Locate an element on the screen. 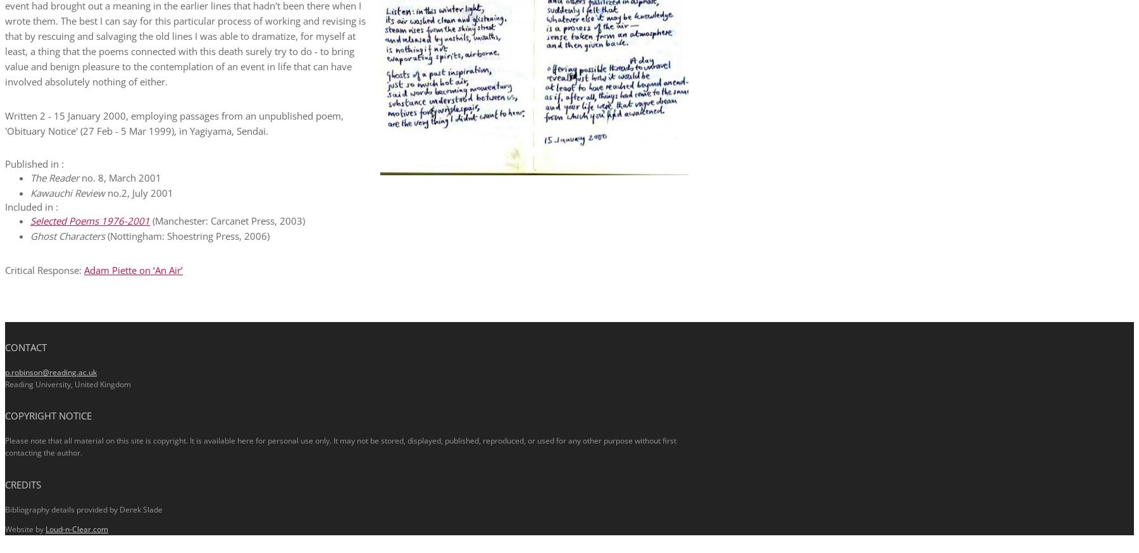 This screenshot has width=1139, height=553. 'Included in
		:' is located at coordinates (31, 206).